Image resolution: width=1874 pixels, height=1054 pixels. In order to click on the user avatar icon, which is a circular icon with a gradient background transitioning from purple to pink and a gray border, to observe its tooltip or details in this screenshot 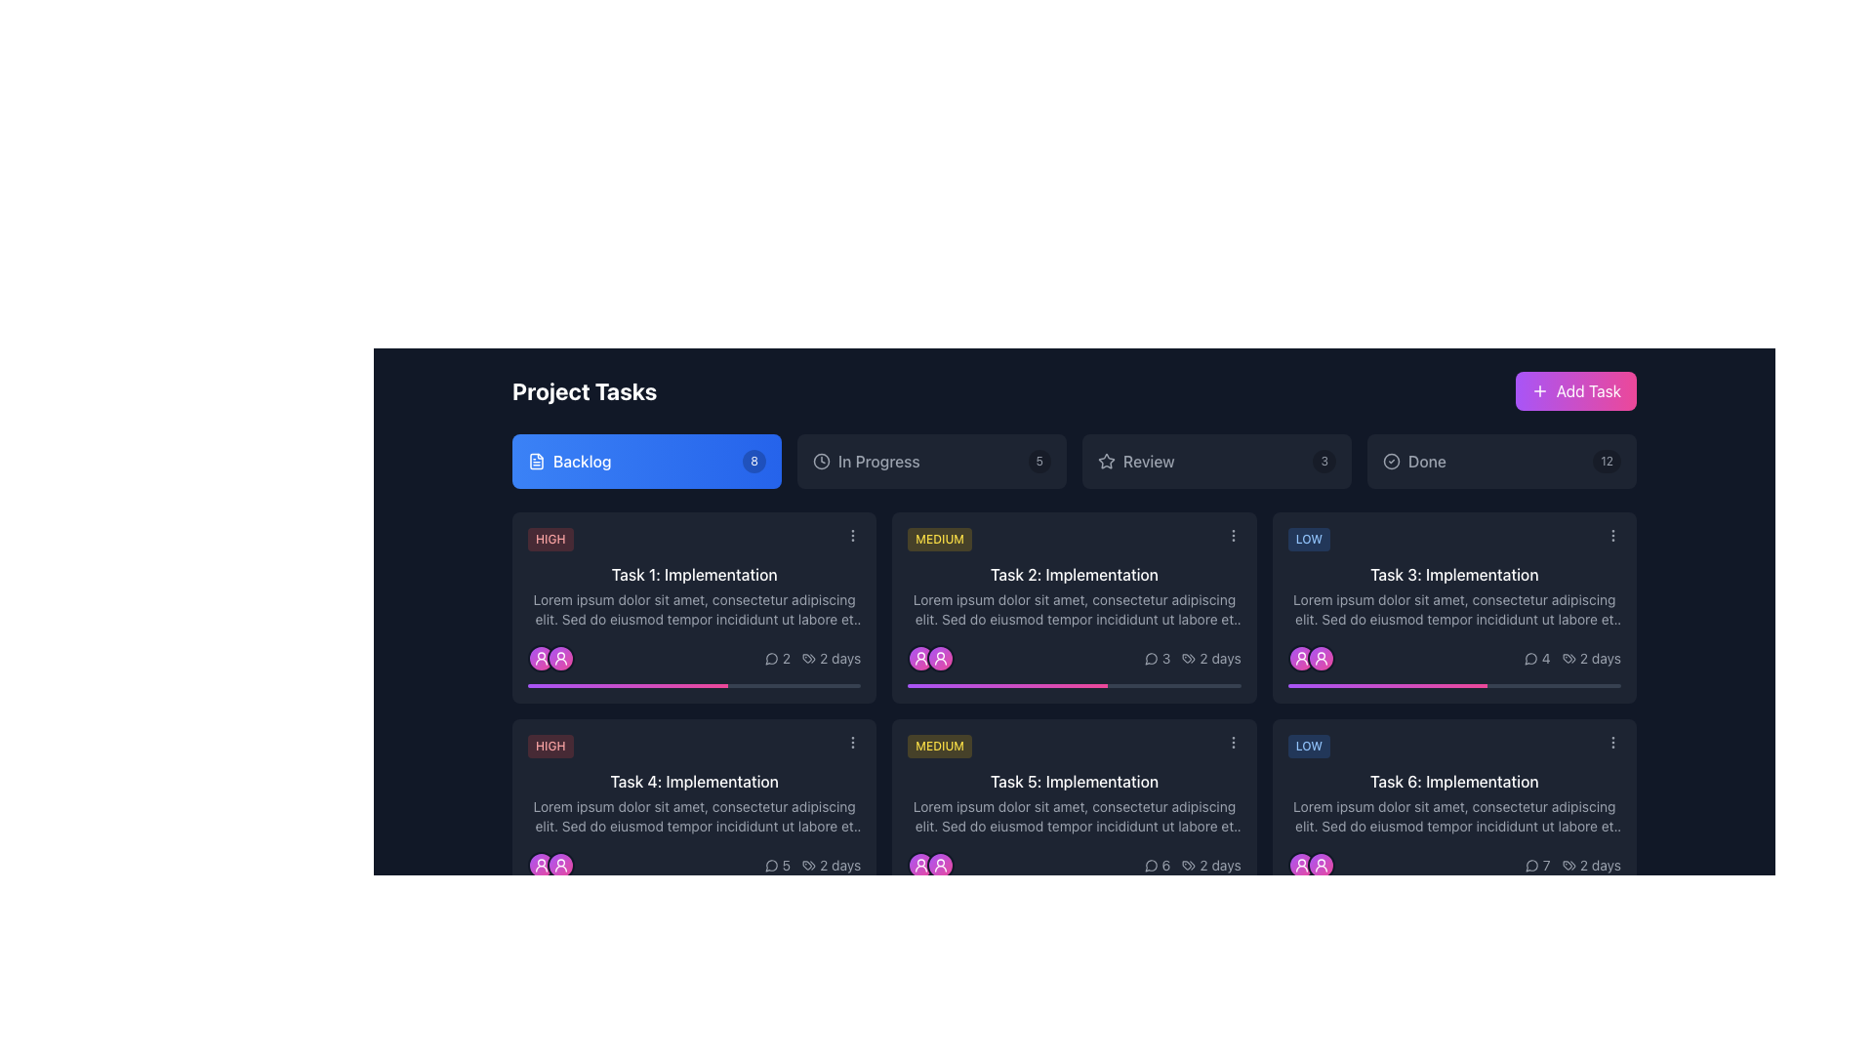, I will do `click(542, 865)`.